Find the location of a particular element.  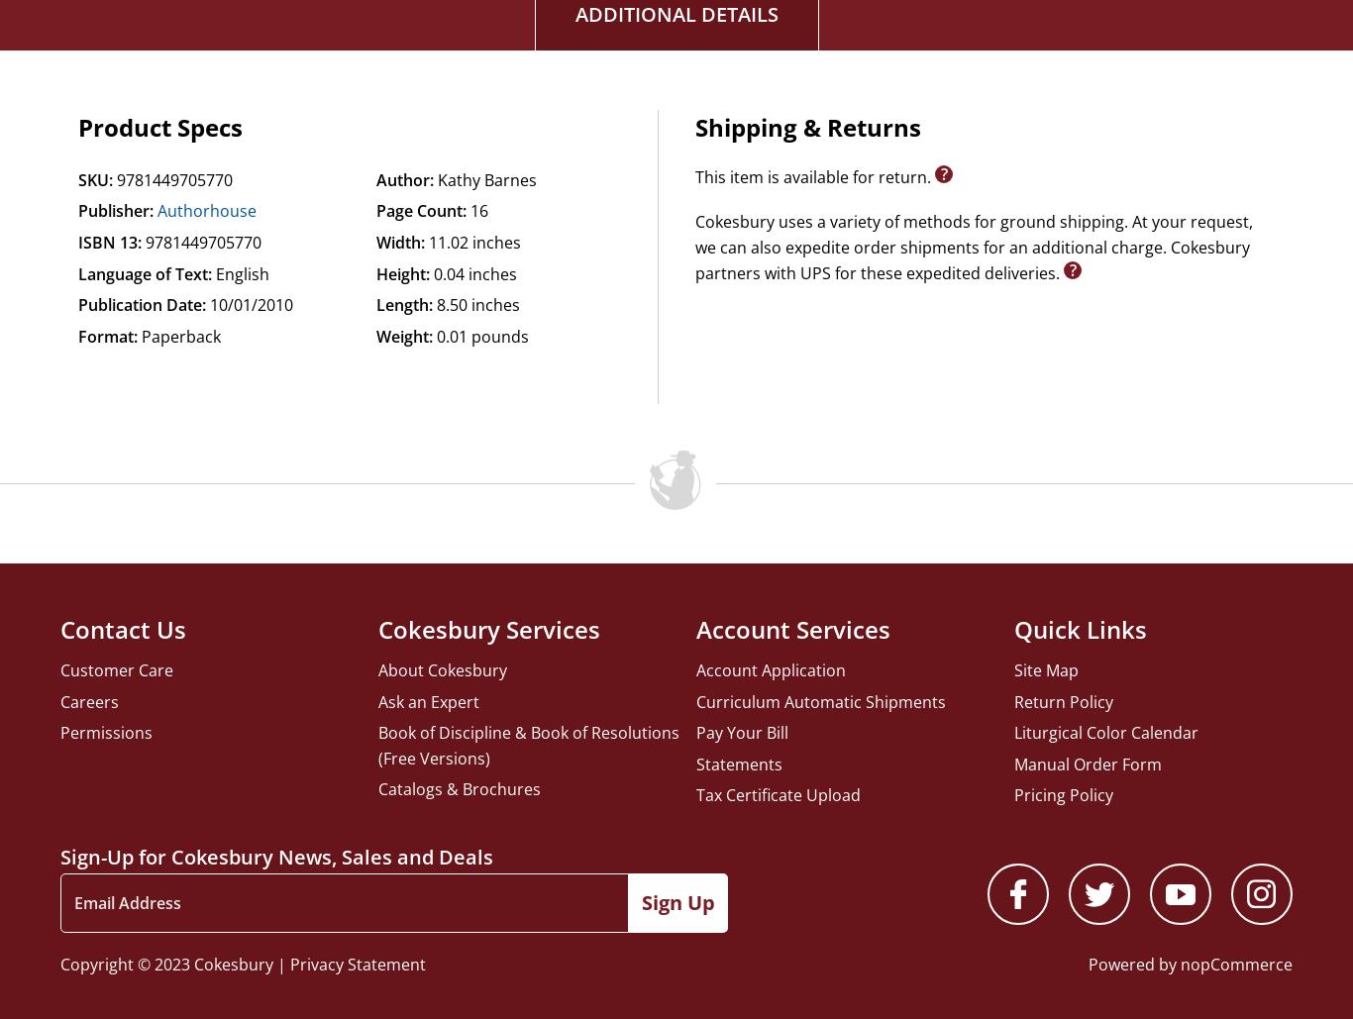

'Powered by' is located at coordinates (1086, 963).